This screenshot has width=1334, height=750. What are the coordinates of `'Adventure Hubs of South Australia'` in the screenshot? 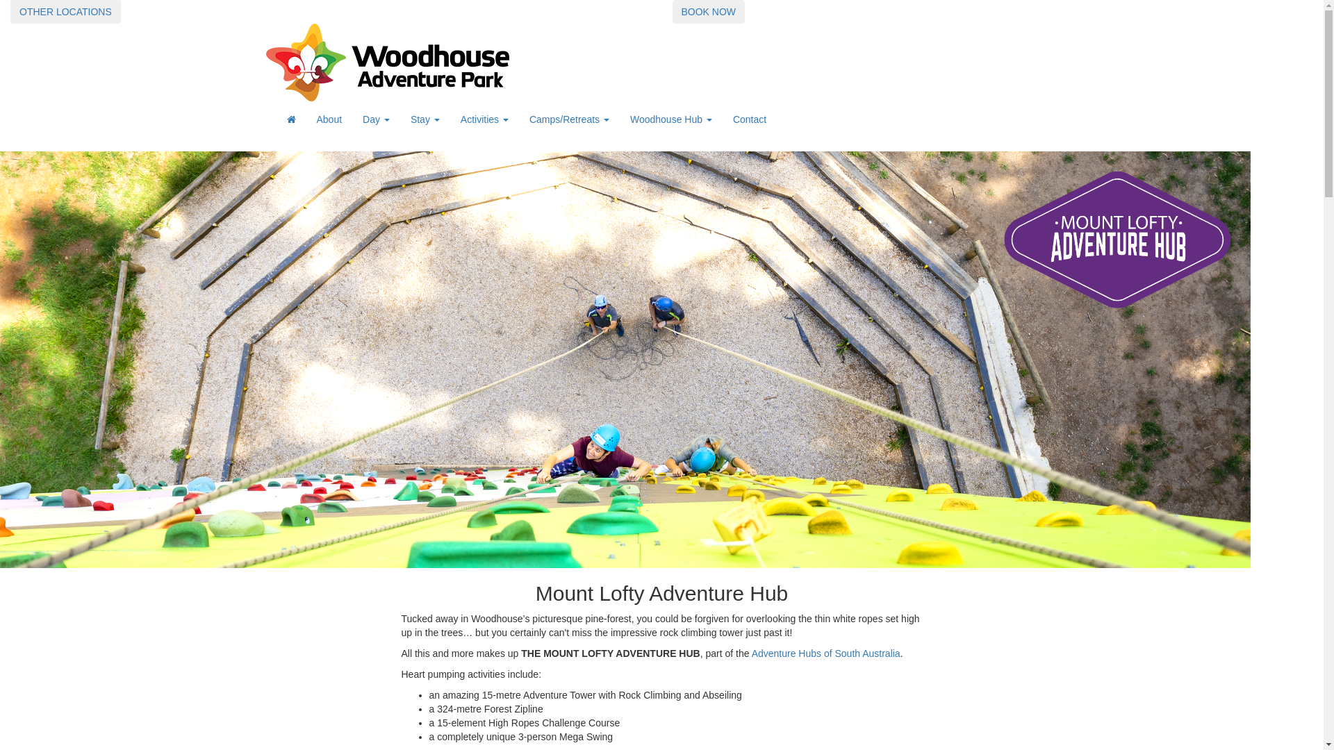 It's located at (750, 653).